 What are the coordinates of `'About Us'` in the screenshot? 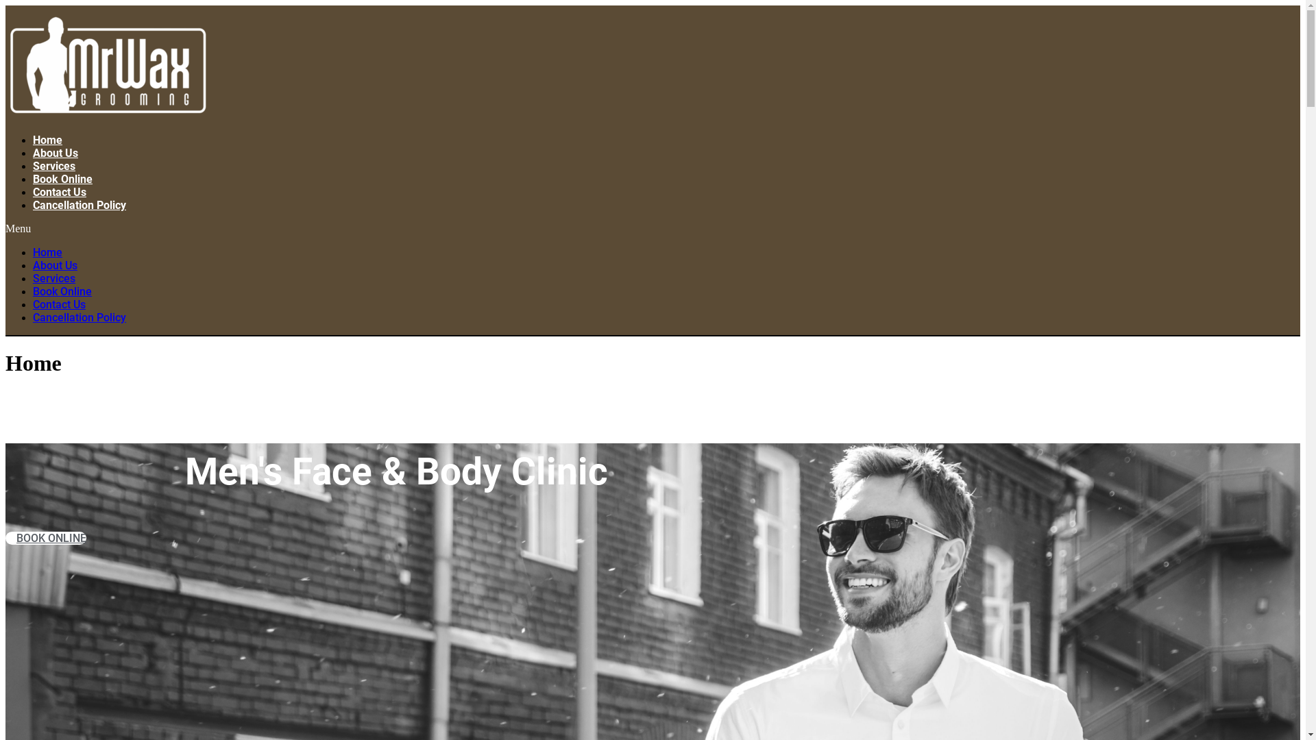 It's located at (55, 153).